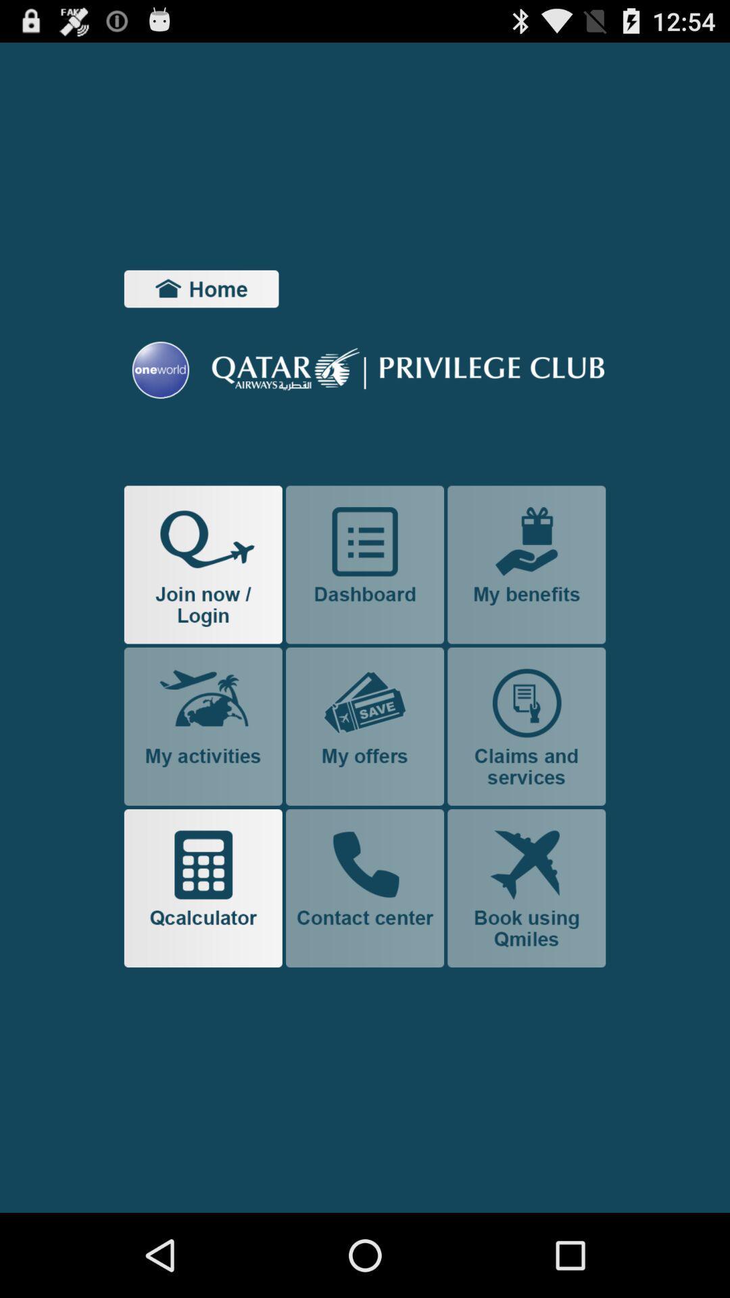  What do you see at coordinates (365, 888) in the screenshot?
I see `item at the bottom` at bounding box center [365, 888].